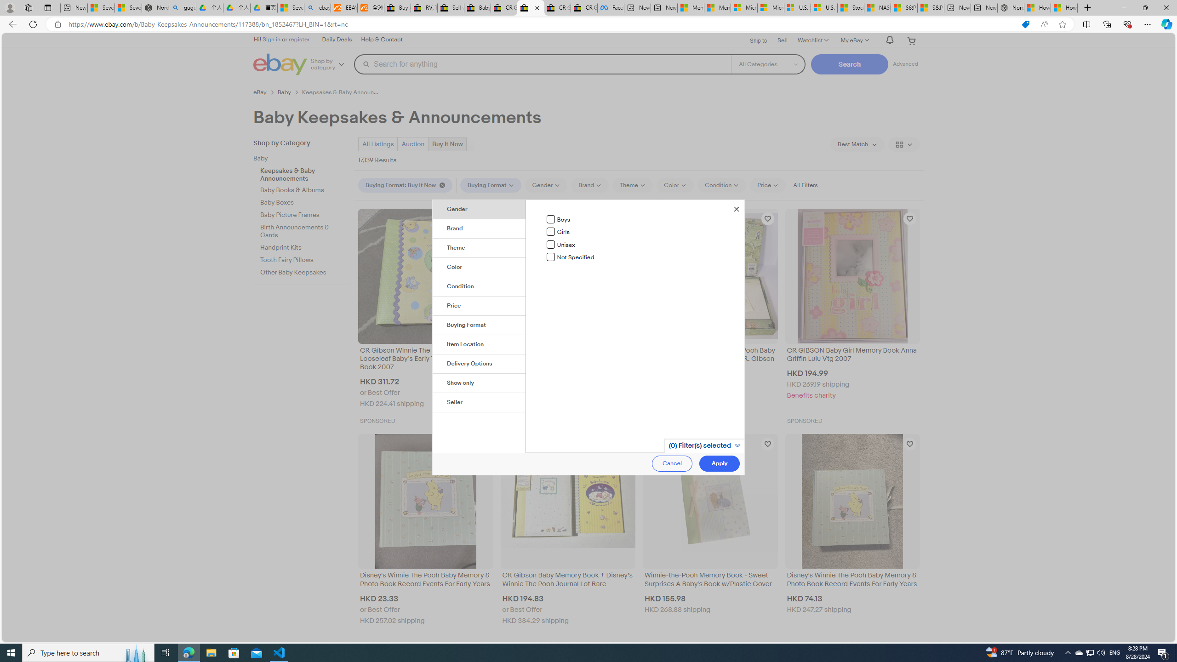 This screenshot has height=662, width=1177. Describe the element at coordinates (551, 231) in the screenshot. I see `'Girls'` at that location.